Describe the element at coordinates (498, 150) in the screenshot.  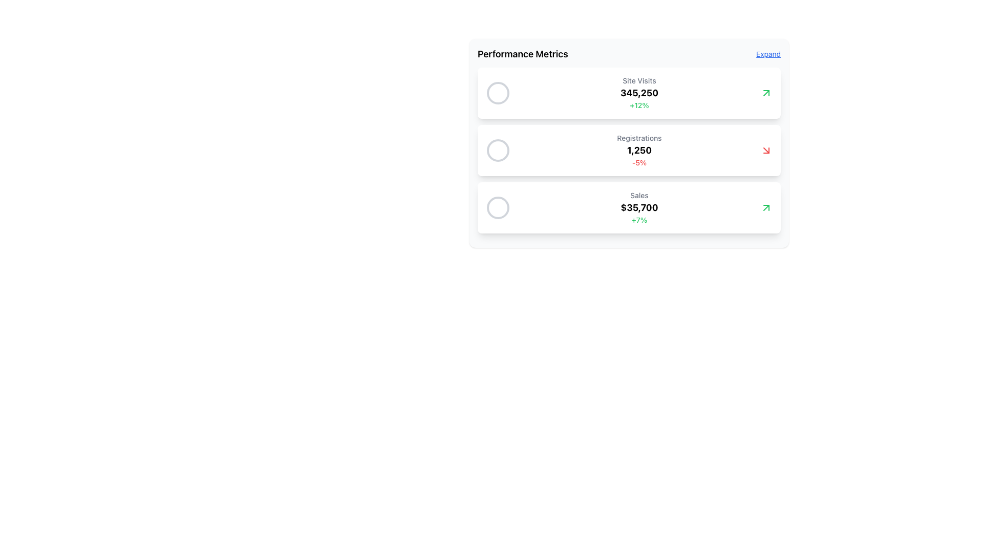
I see `the circular SVG element associated with the 'Registrations' metrics` at that location.